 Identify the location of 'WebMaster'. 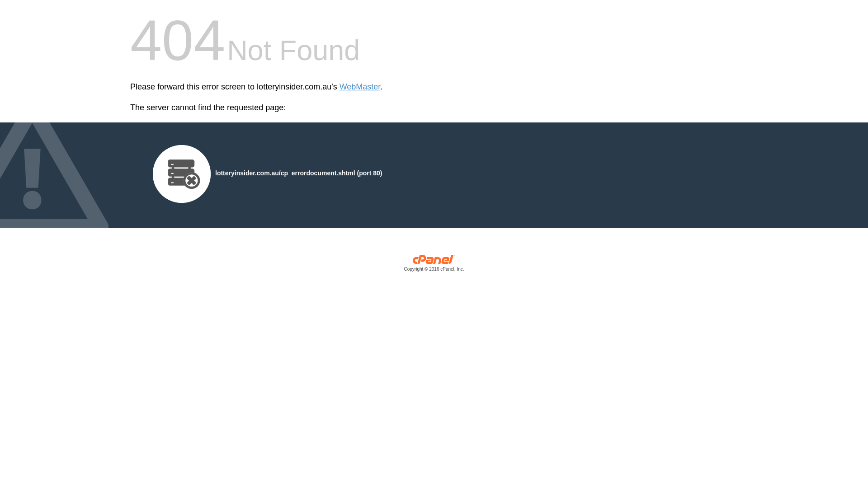
(359, 87).